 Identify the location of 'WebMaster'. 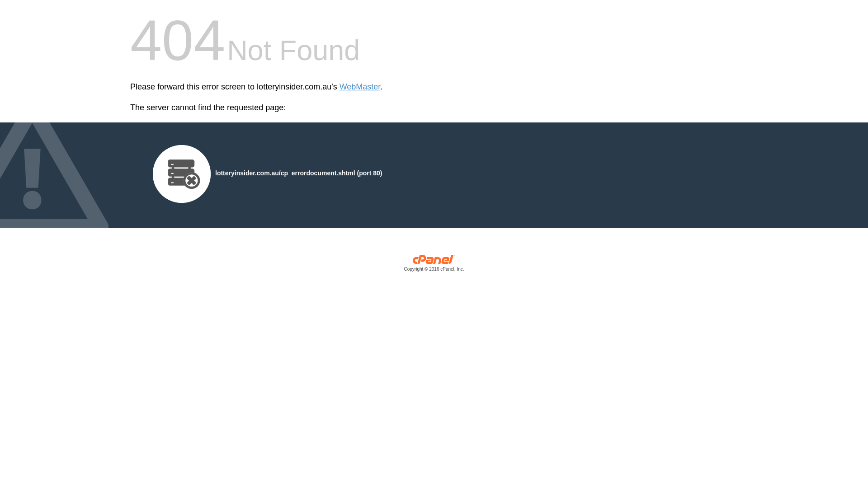
(359, 87).